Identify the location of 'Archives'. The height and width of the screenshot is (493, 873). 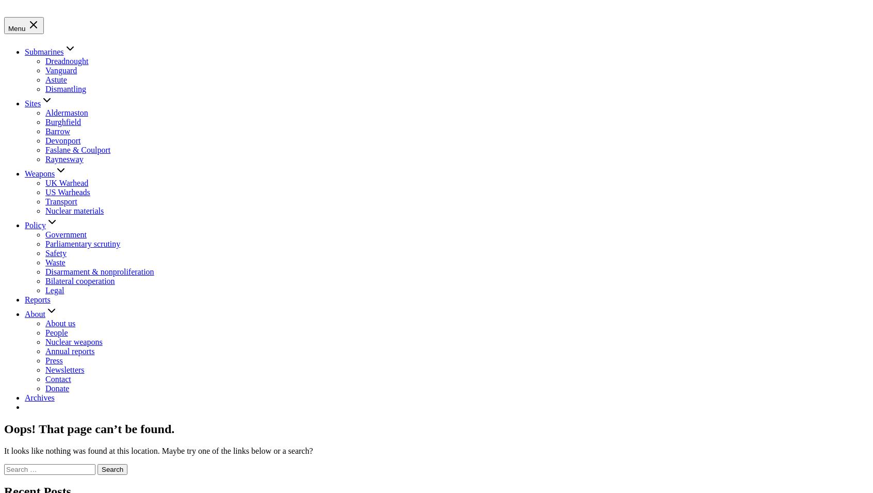
(39, 396).